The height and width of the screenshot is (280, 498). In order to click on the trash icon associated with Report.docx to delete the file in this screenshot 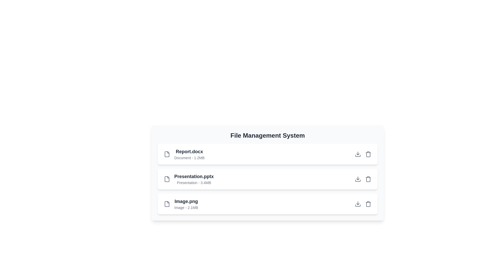, I will do `click(368, 154)`.